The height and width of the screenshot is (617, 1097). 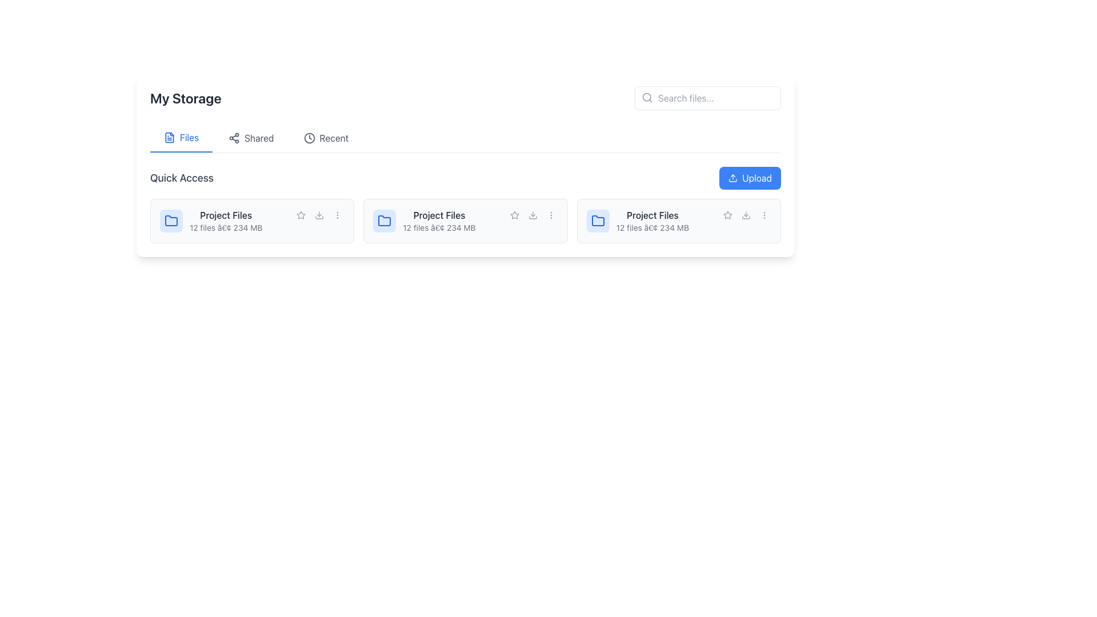 What do you see at coordinates (325, 138) in the screenshot?
I see `the 'Recent' navigation tab, which features a clock icon and is positioned between the 'Shared' tab and the 'Upload' button` at bounding box center [325, 138].